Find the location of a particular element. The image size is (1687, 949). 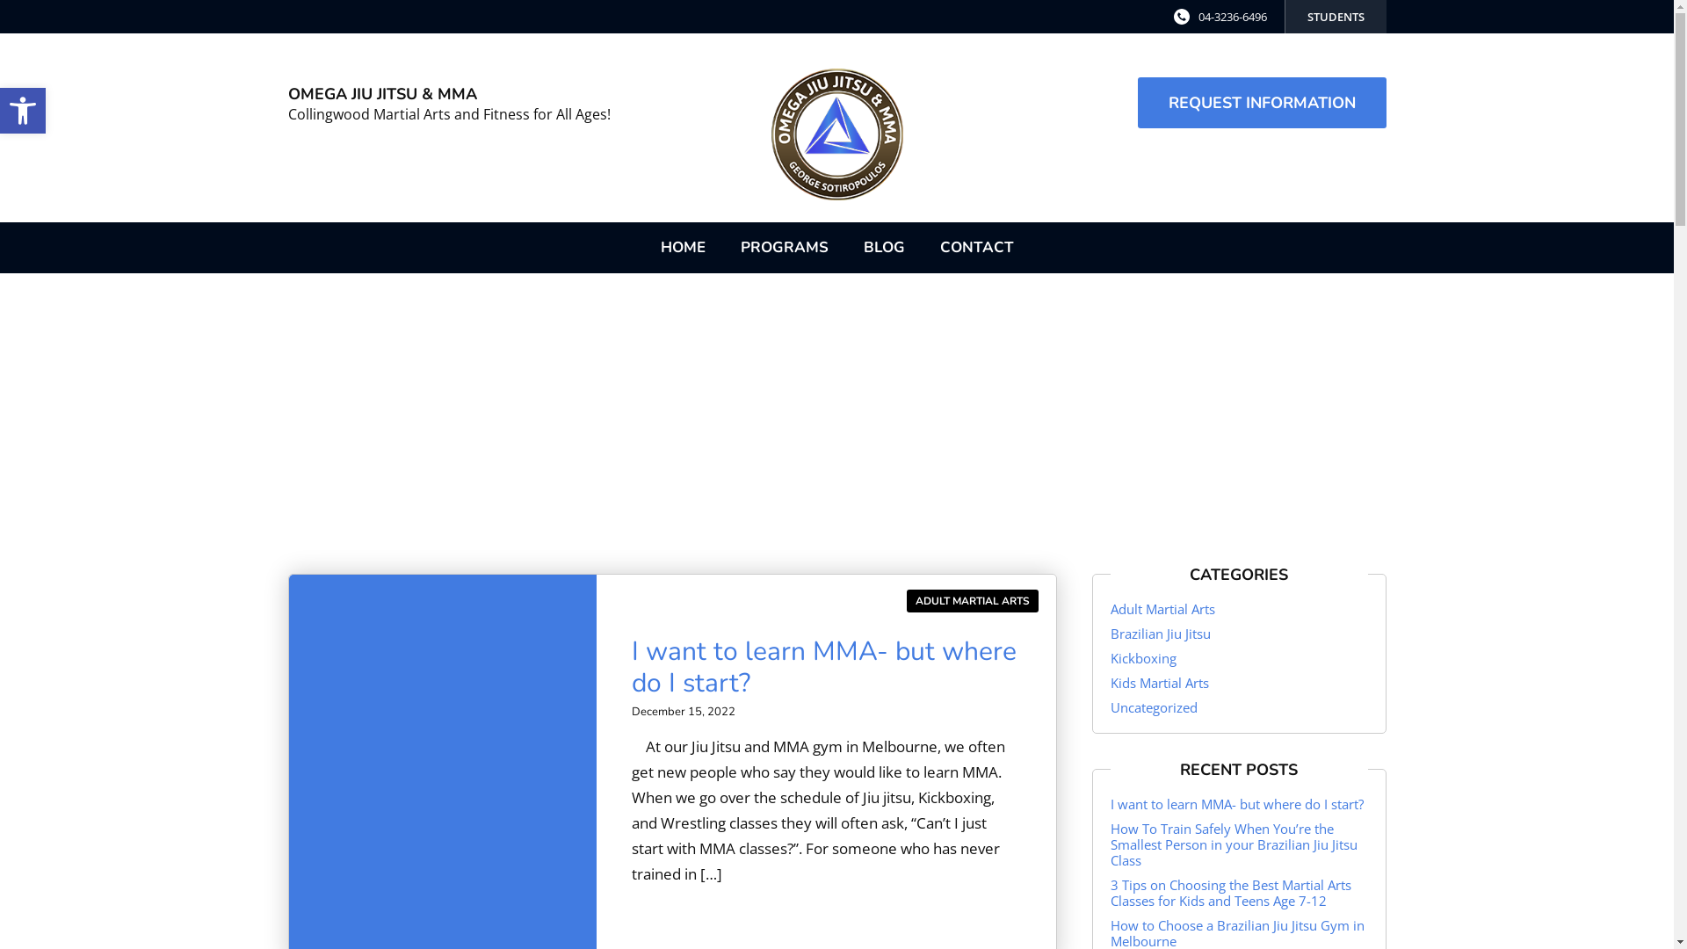

'Adult Martial Arts' is located at coordinates (1162, 608).